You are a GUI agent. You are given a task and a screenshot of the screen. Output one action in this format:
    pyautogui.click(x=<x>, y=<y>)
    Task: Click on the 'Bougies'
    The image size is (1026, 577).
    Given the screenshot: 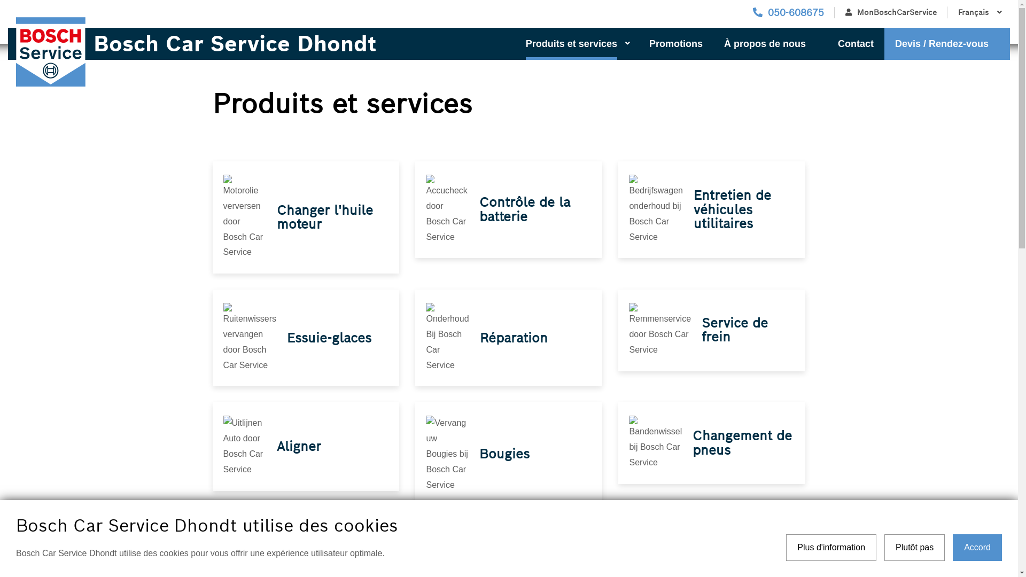 What is the action you would take?
    pyautogui.click(x=479, y=454)
    